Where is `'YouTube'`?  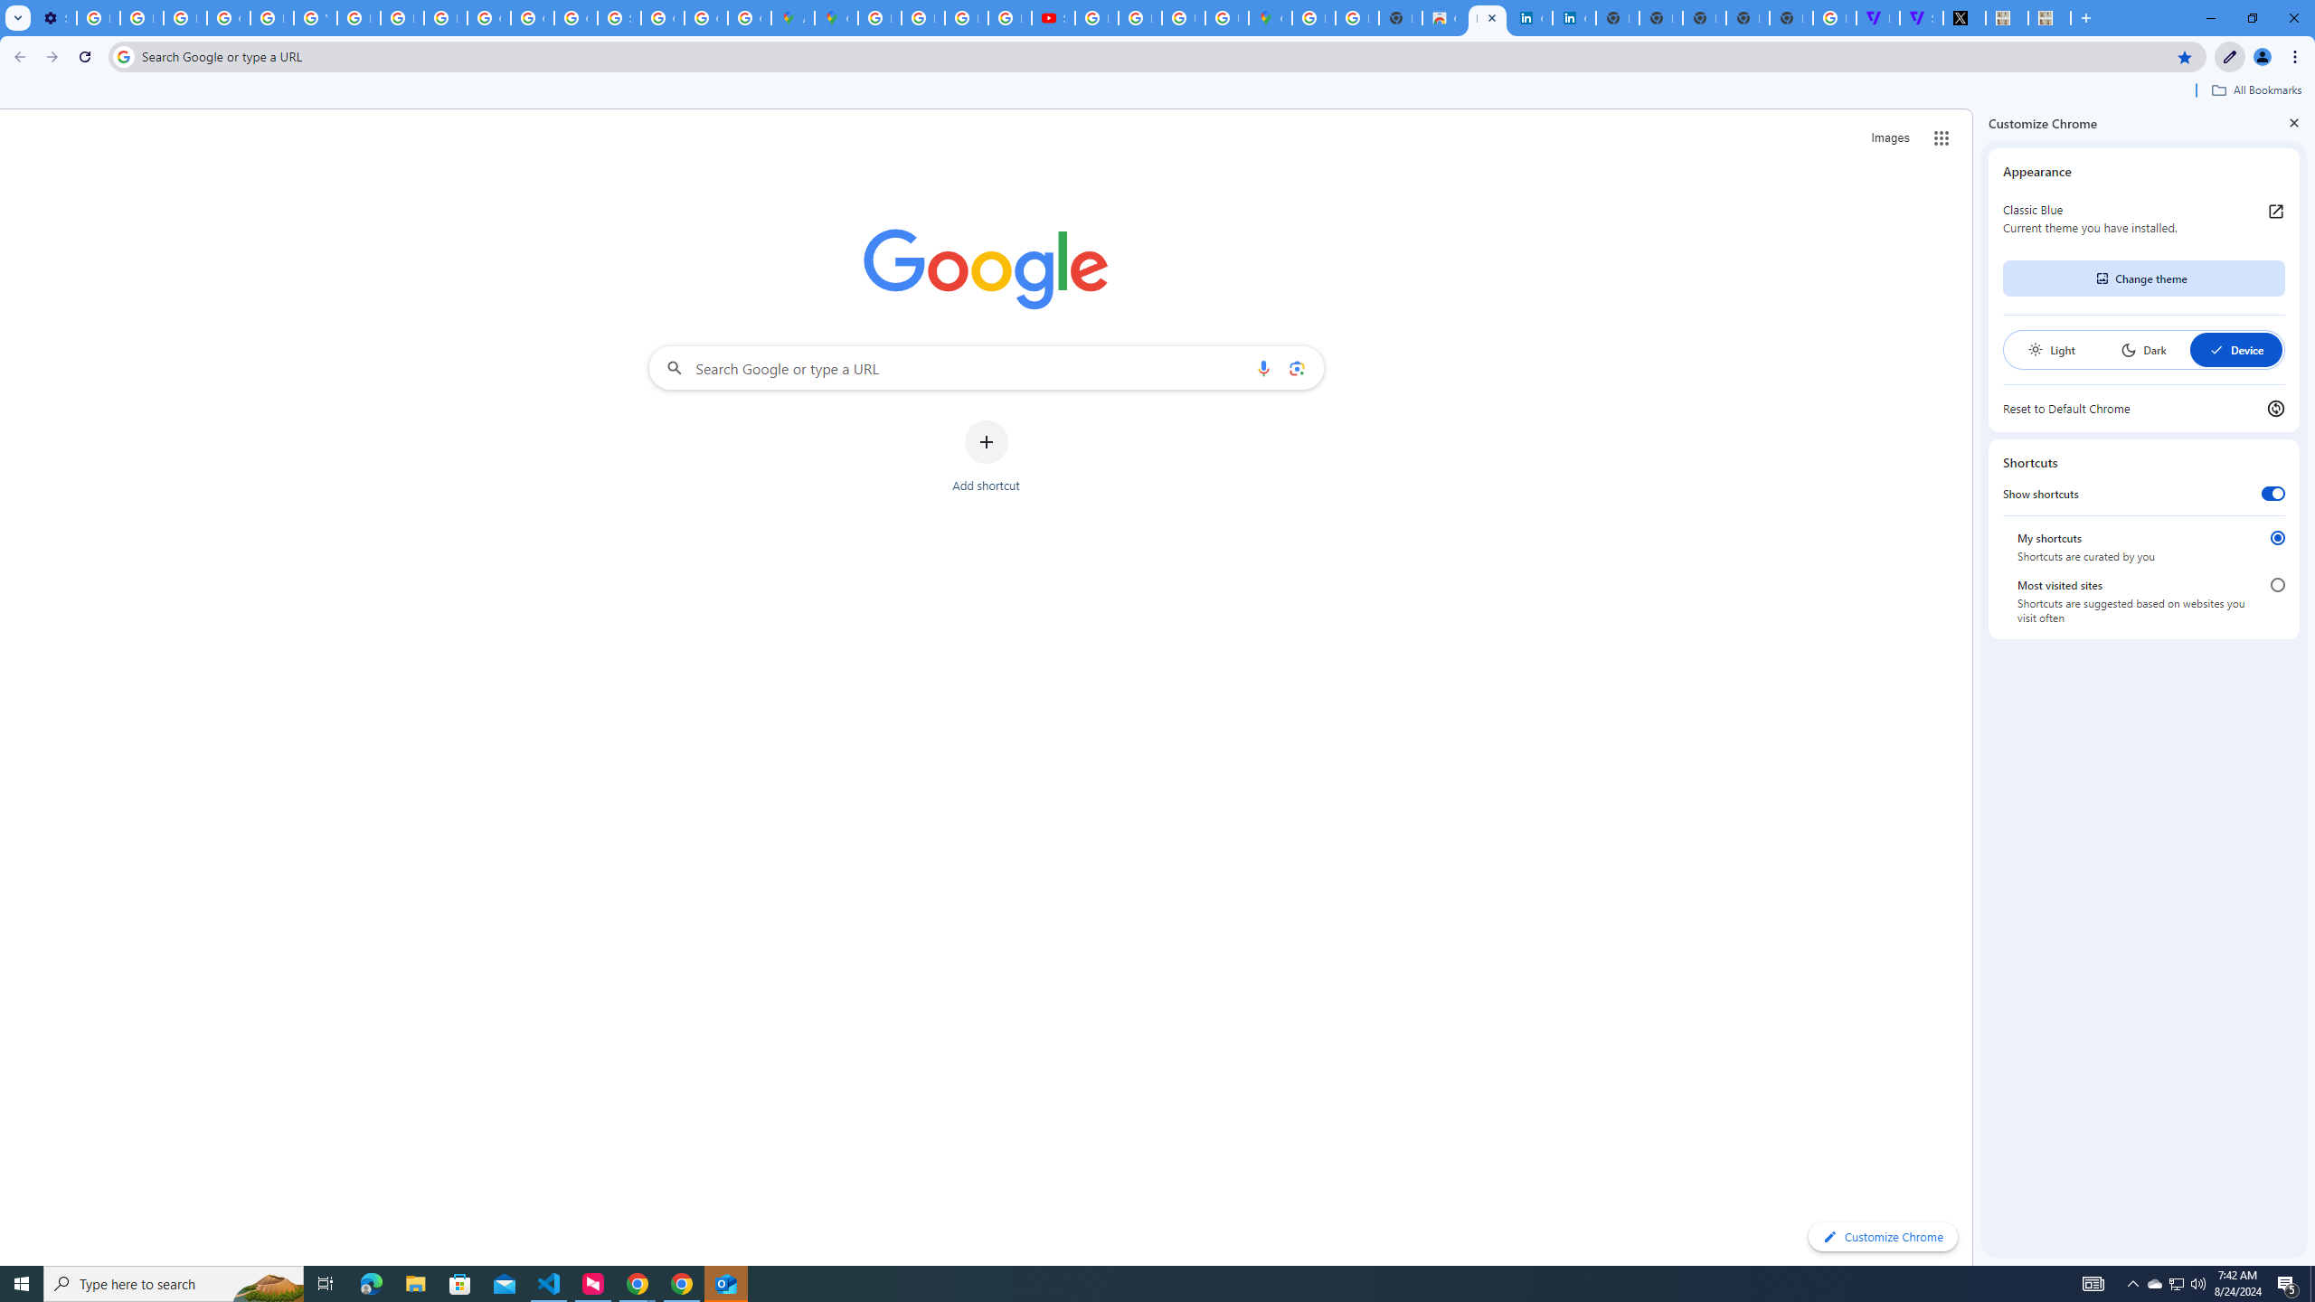 'YouTube' is located at coordinates (314, 17).